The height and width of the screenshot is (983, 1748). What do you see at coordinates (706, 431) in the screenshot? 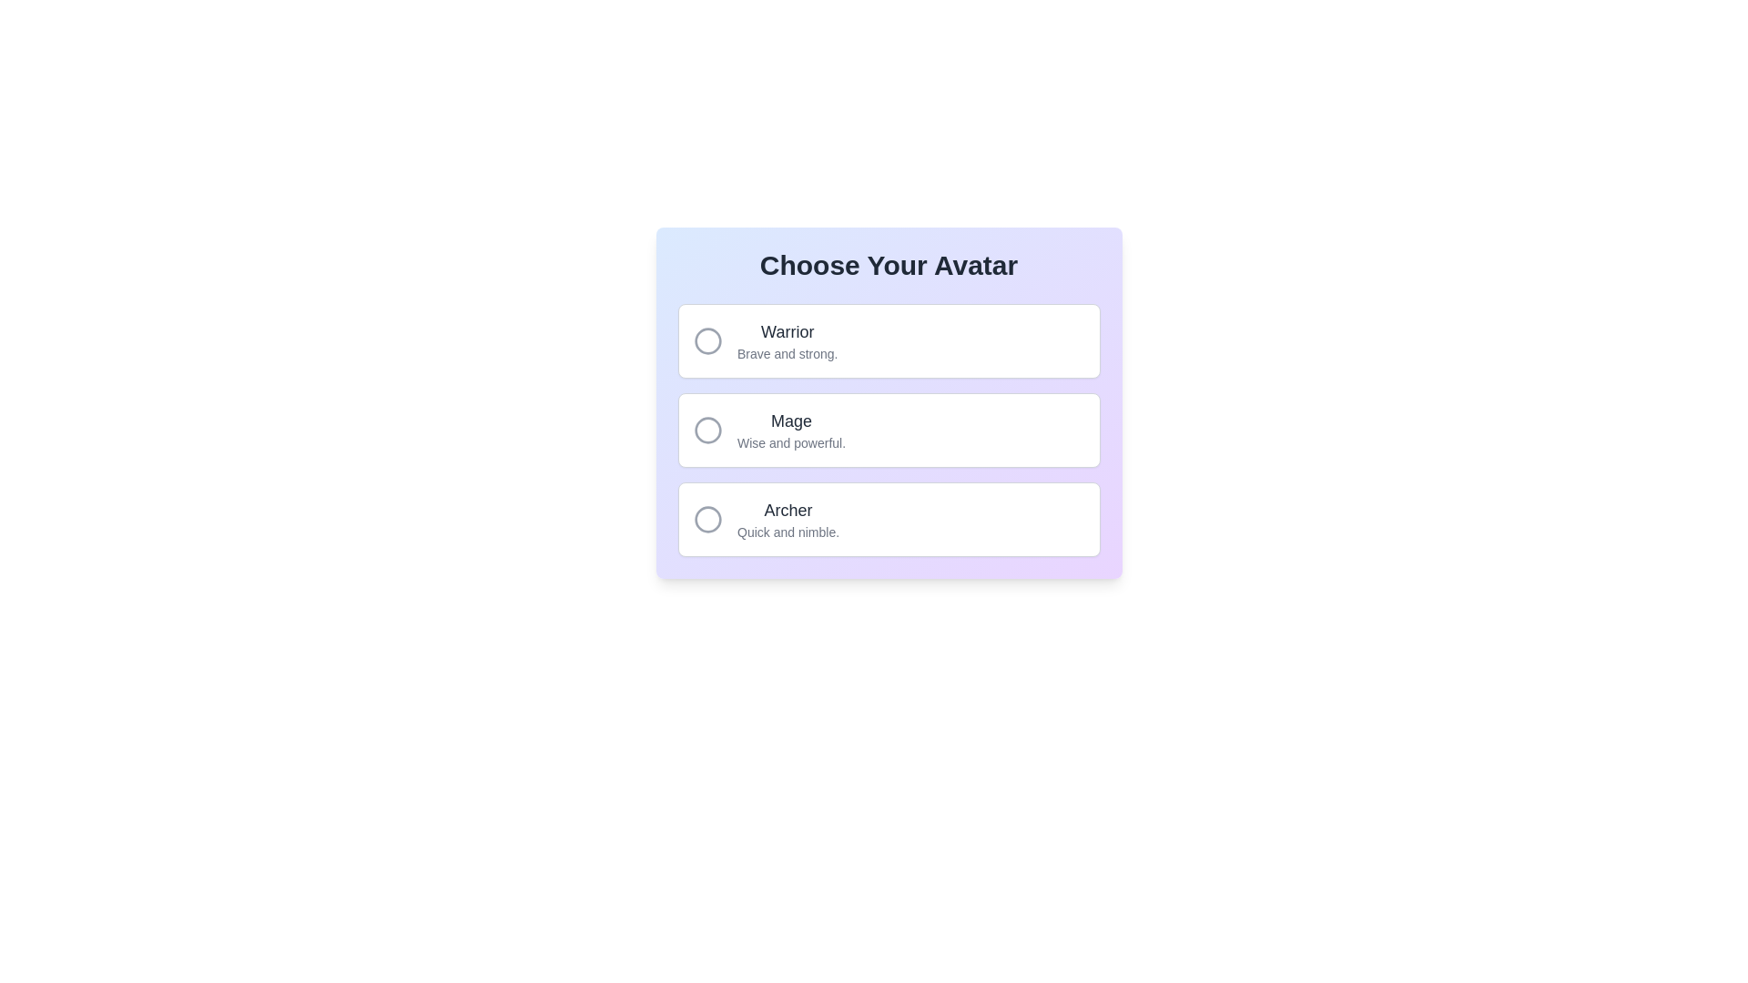
I see `the circular element representing the 'Mage' option in the vertically stacked selection list within the SVG graphic` at bounding box center [706, 431].